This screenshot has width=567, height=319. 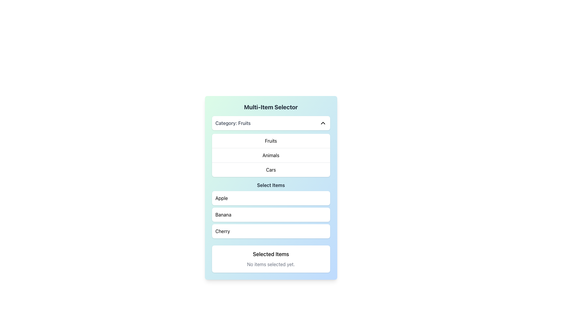 I want to click on the selectable category option labeled 'Cars', which is the third item in a vertical list of categories beneath 'Animals', so click(x=271, y=170).